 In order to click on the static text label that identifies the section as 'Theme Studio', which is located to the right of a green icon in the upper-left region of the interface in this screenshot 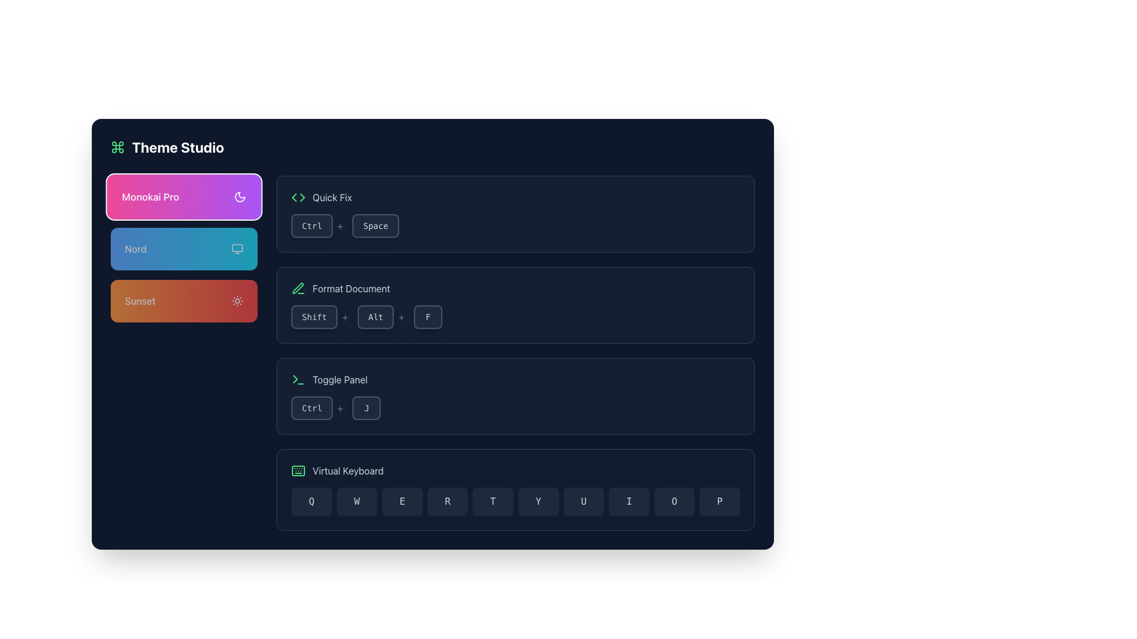, I will do `click(177, 147)`.